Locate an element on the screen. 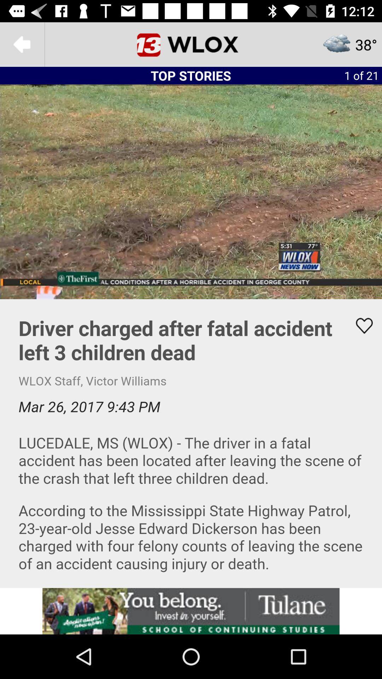  news headline is located at coordinates (191, 443).